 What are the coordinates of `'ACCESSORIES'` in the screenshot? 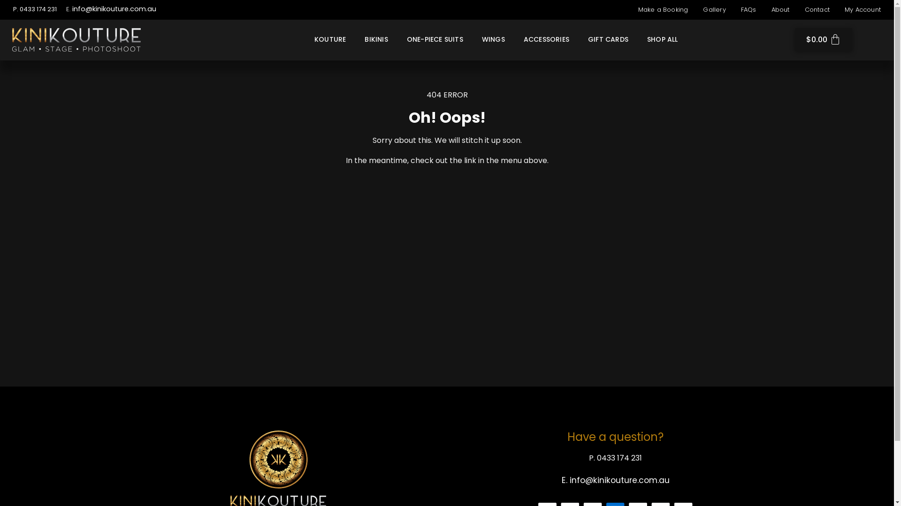 It's located at (515, 39).